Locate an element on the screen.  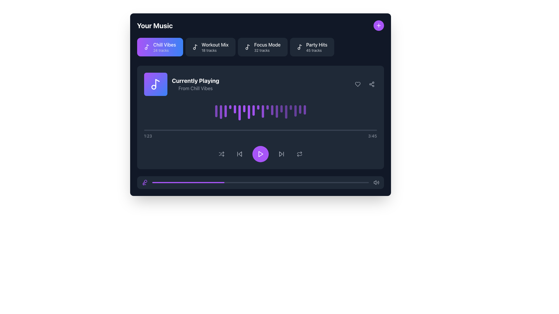
the microphone icon located in the lower-left part of the interface within a rounded rectangle, which serves as a button for audio or recording functionalities is located at coordinates (144, 182).